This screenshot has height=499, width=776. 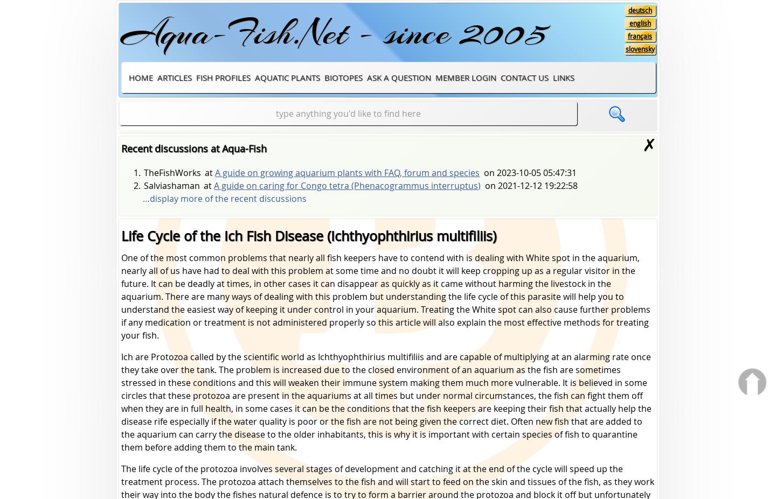 What do you see at coordinates (174, 76) in the screenshot?
I see `'Articles'` at bounding box center [174, 76].